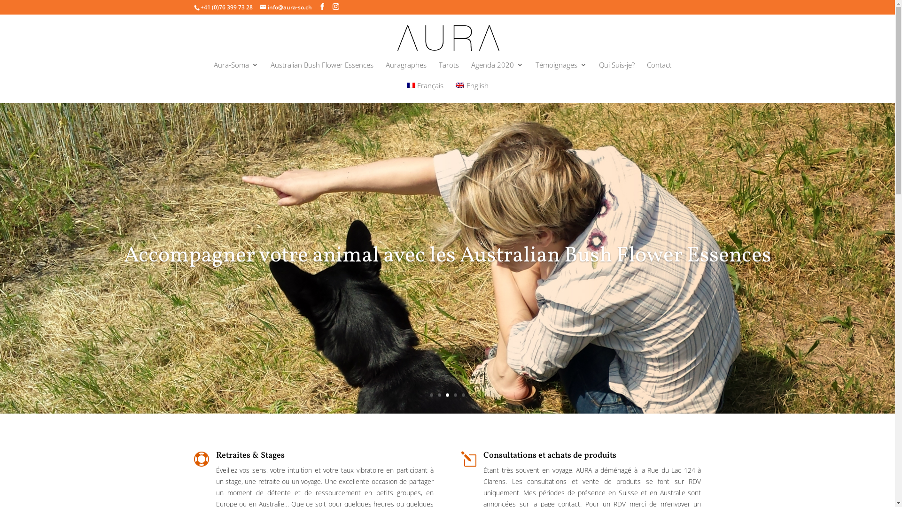 Image resolution: width=902 pixels, height=507 pixels. I want to click on 'Retraites & Stages', so click(250, 455).